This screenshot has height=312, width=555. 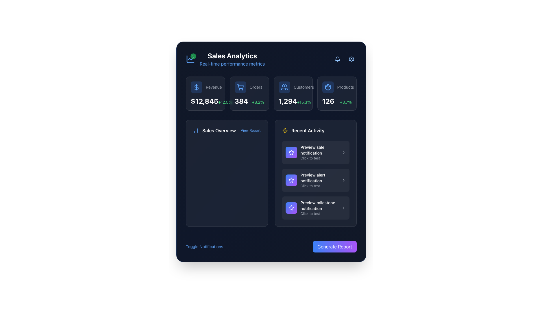 I want to click on the white outlined star icon located in the circular button within the 'Recent Activity' section, adjacent to the label 'Preview milestone notification', so click(x=291, y=208).